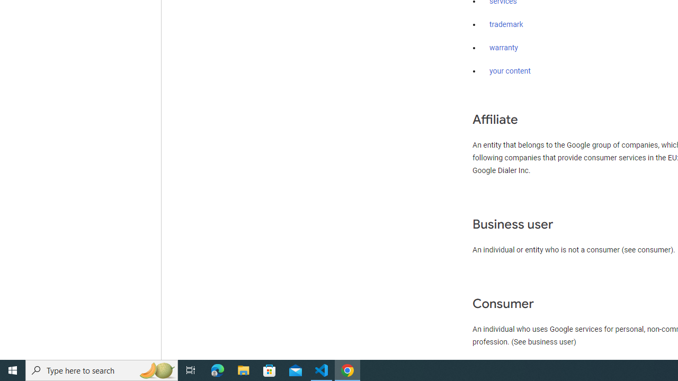 The image size is (678, 381). I want to click on 'trademark', so click(506, 24).